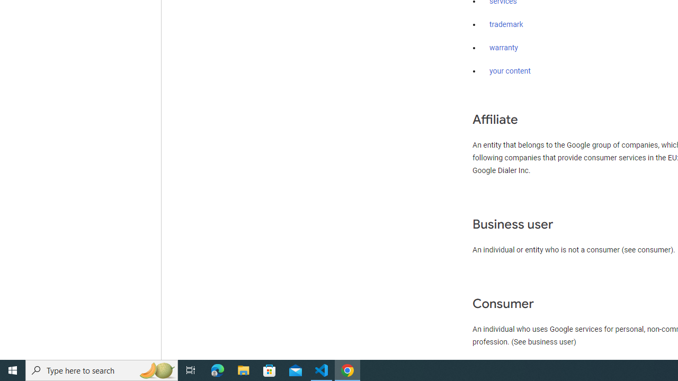 The image size is (678, 381). I want to click on 'trademark', so click(506, 24).